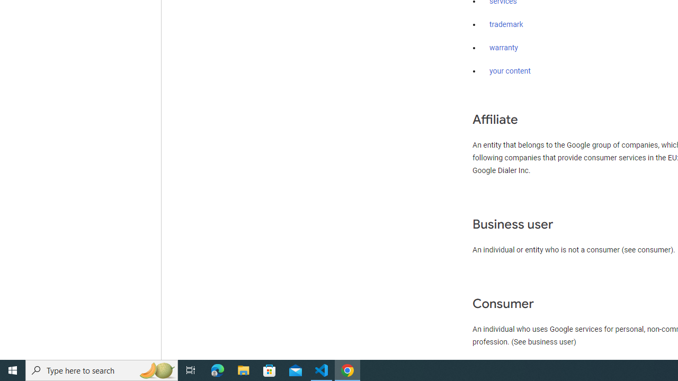 The image size is (678, 381). I want to click on 'trademark', so click(506, 24).